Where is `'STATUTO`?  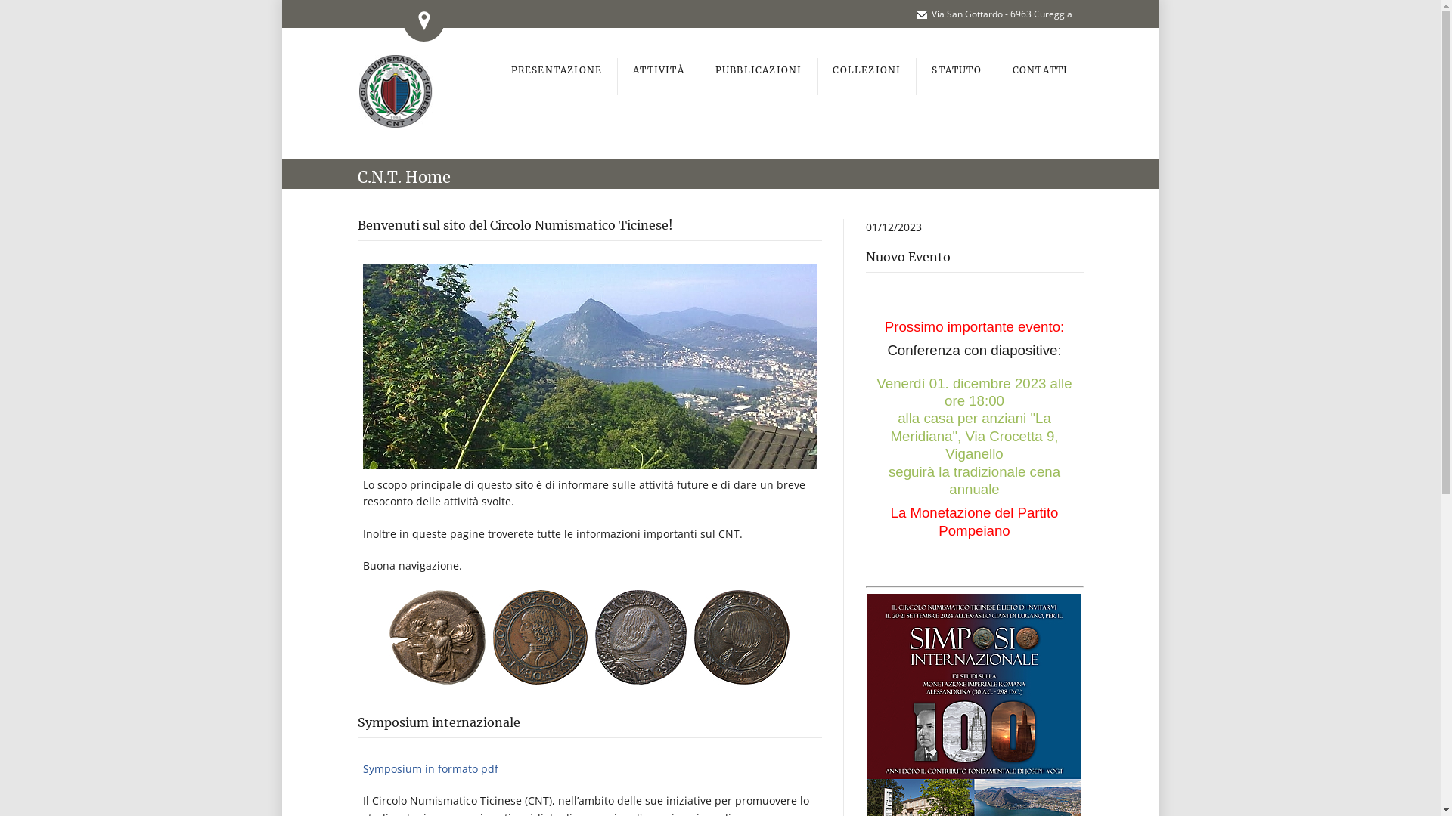
'STATUTO is located at coordinates (956, 76).